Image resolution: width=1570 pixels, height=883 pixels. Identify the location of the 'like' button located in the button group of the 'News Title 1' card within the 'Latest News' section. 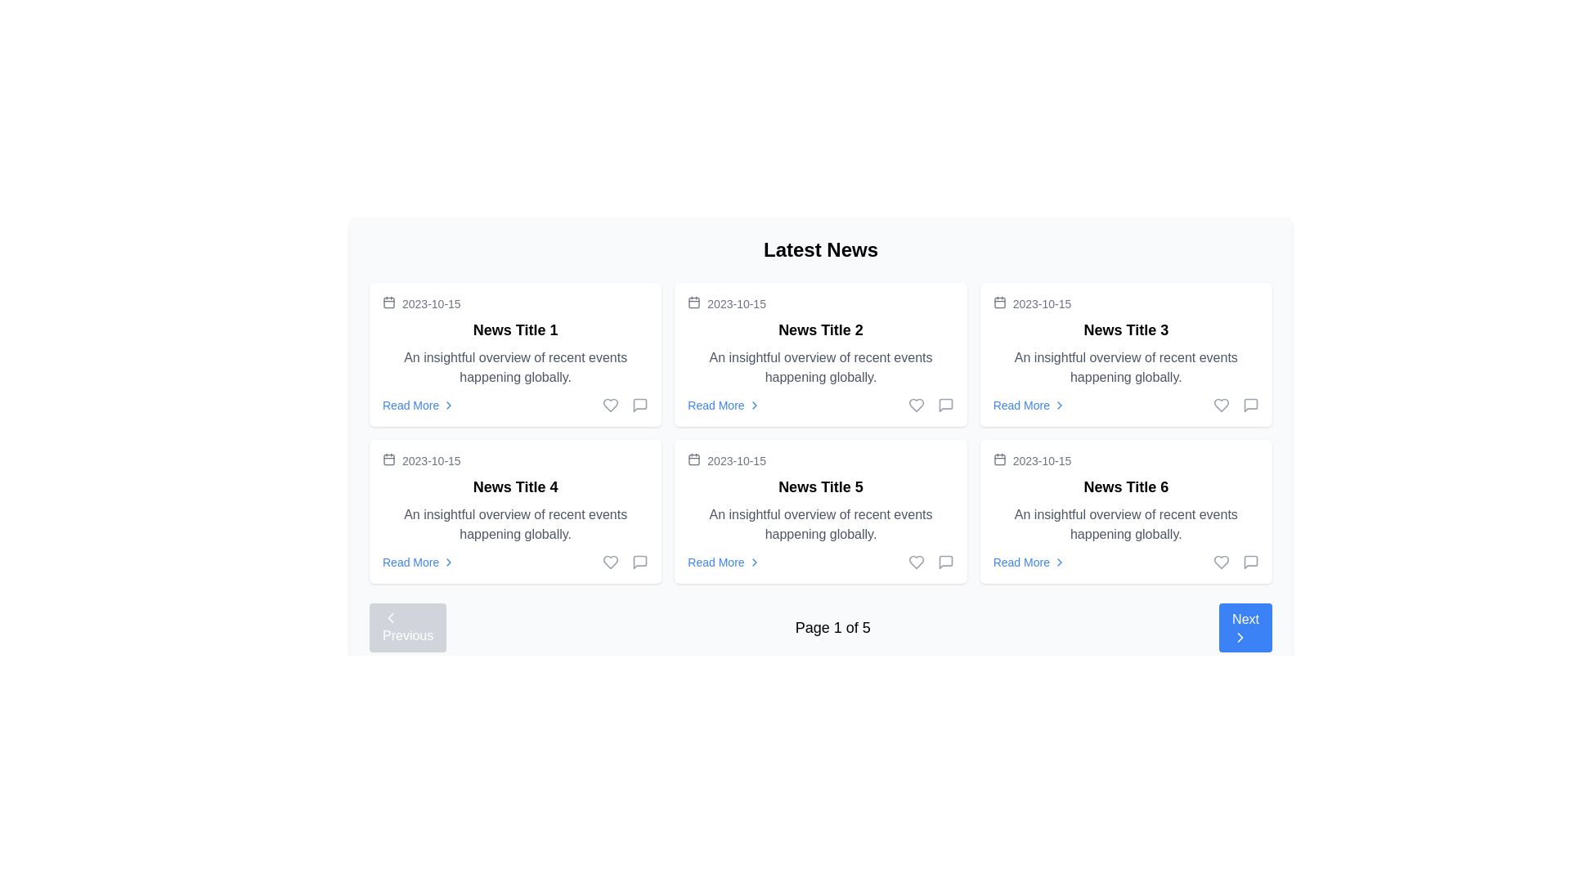
(610, 405).